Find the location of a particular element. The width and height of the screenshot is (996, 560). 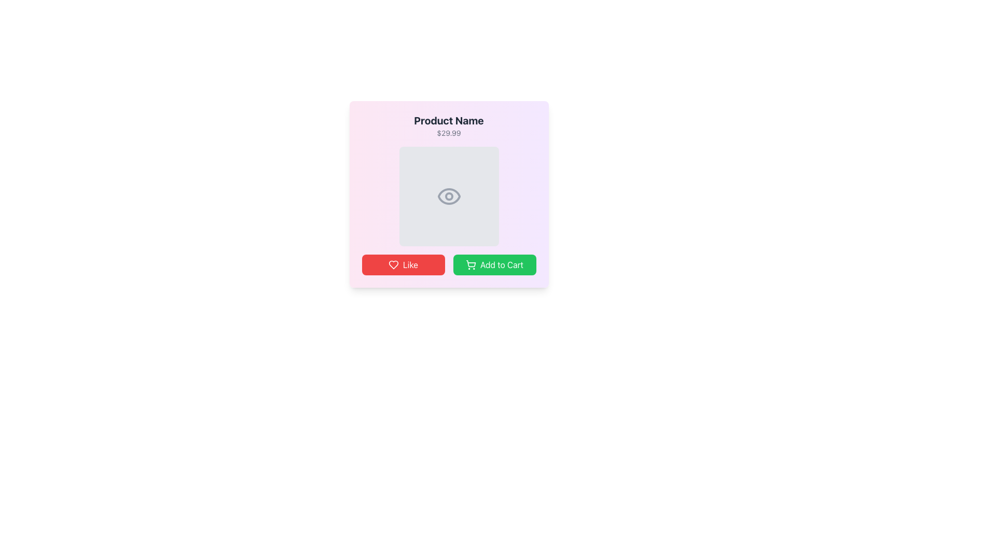

the green 'Add to Cart' button containing the text, which is located at the bottom right of the product card interface is located at coordinates (502, 264).